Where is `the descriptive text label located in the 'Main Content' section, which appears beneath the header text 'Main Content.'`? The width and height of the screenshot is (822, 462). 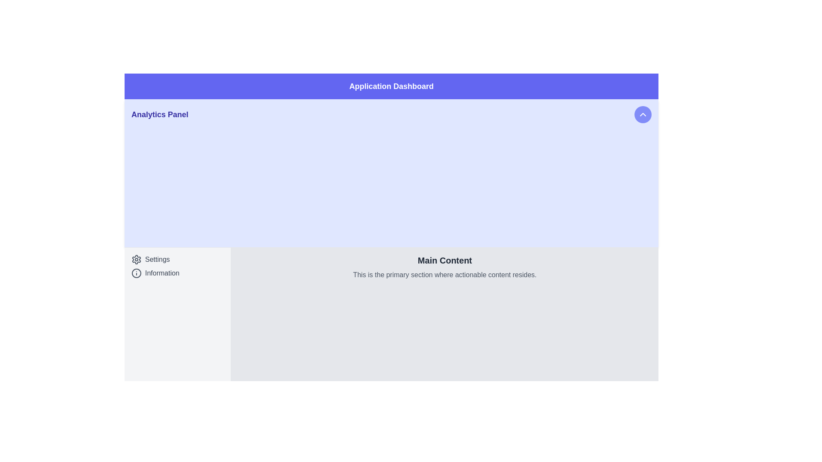
the descriptive text label located in the 'Main Content' section, which appears beneath the header text 'Main Content.' is located at coordinates (445, 275).